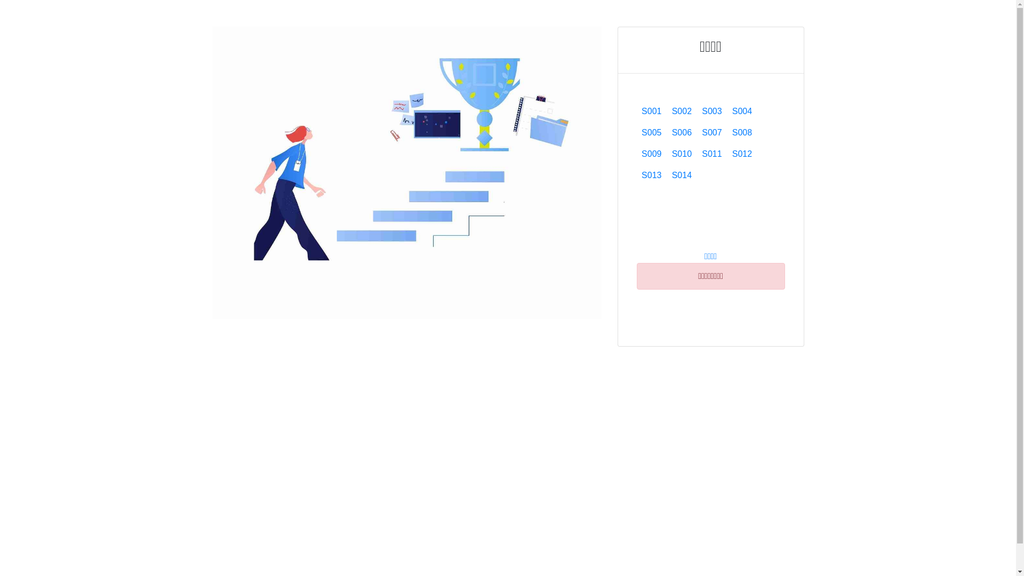 This screenshot has width=1024, height=576. What do you see at coordinates (651, 174) in the screenshot?
I see `'S013'` at bounding box center [651, 174].